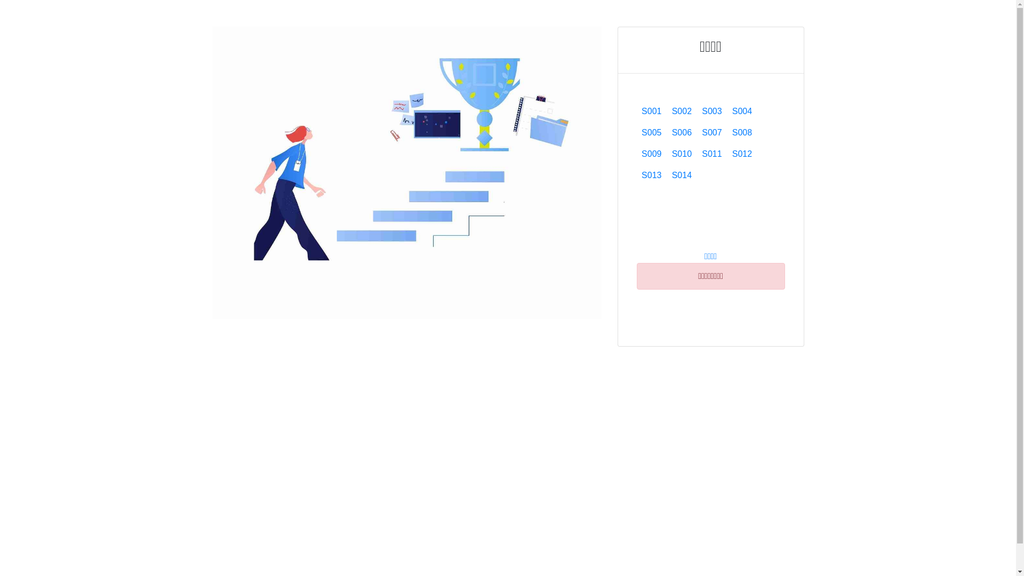 This screenshot has width=1024, height=576. What do you see at coordinates (651, 174) in the screenshot?
I see `'S013'` at bounding box center [651, 174].